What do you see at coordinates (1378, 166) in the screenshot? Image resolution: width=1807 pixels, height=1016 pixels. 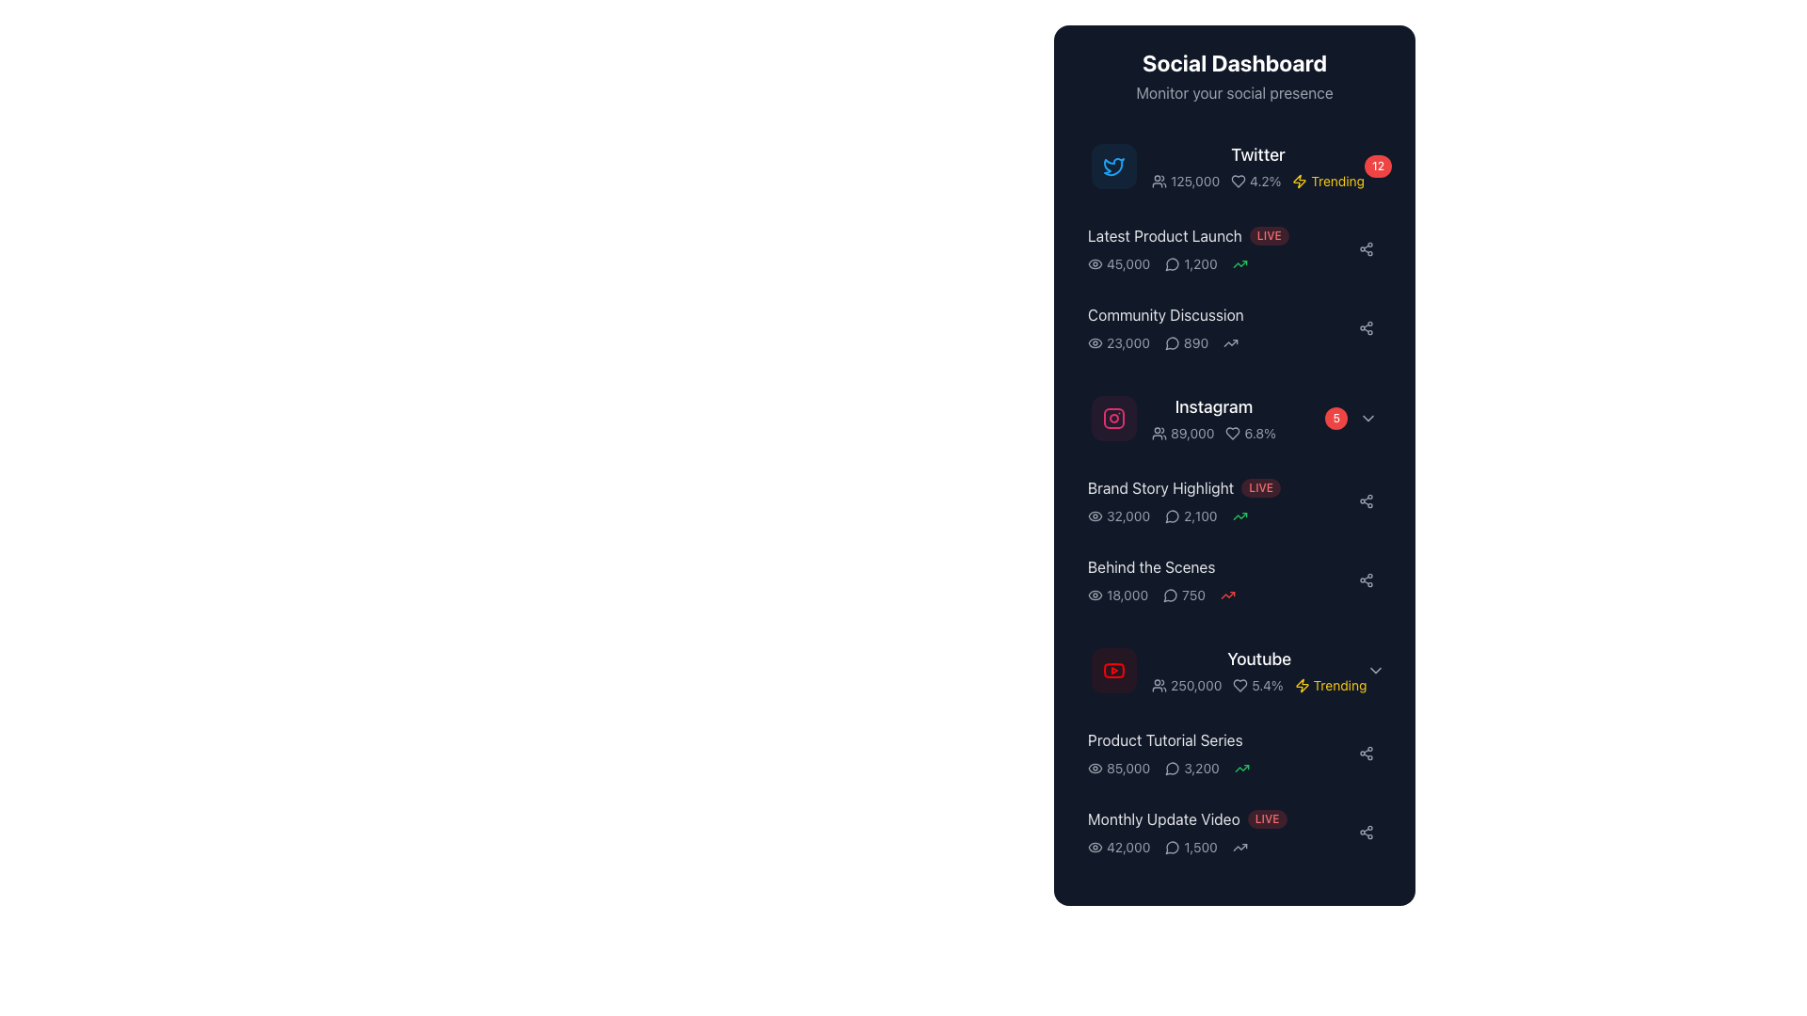 I see `the small circular badge with a red background and white text displaying '12', located to the right of the 'Twitter' item in the Social Dashboard` at bounding box center [1378, 166].